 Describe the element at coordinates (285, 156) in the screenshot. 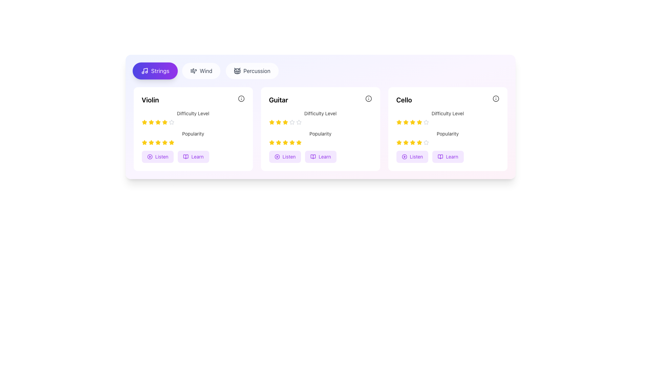

I see `the 'Listen' button with a purple background located in the 'Guitar' section` at that location.